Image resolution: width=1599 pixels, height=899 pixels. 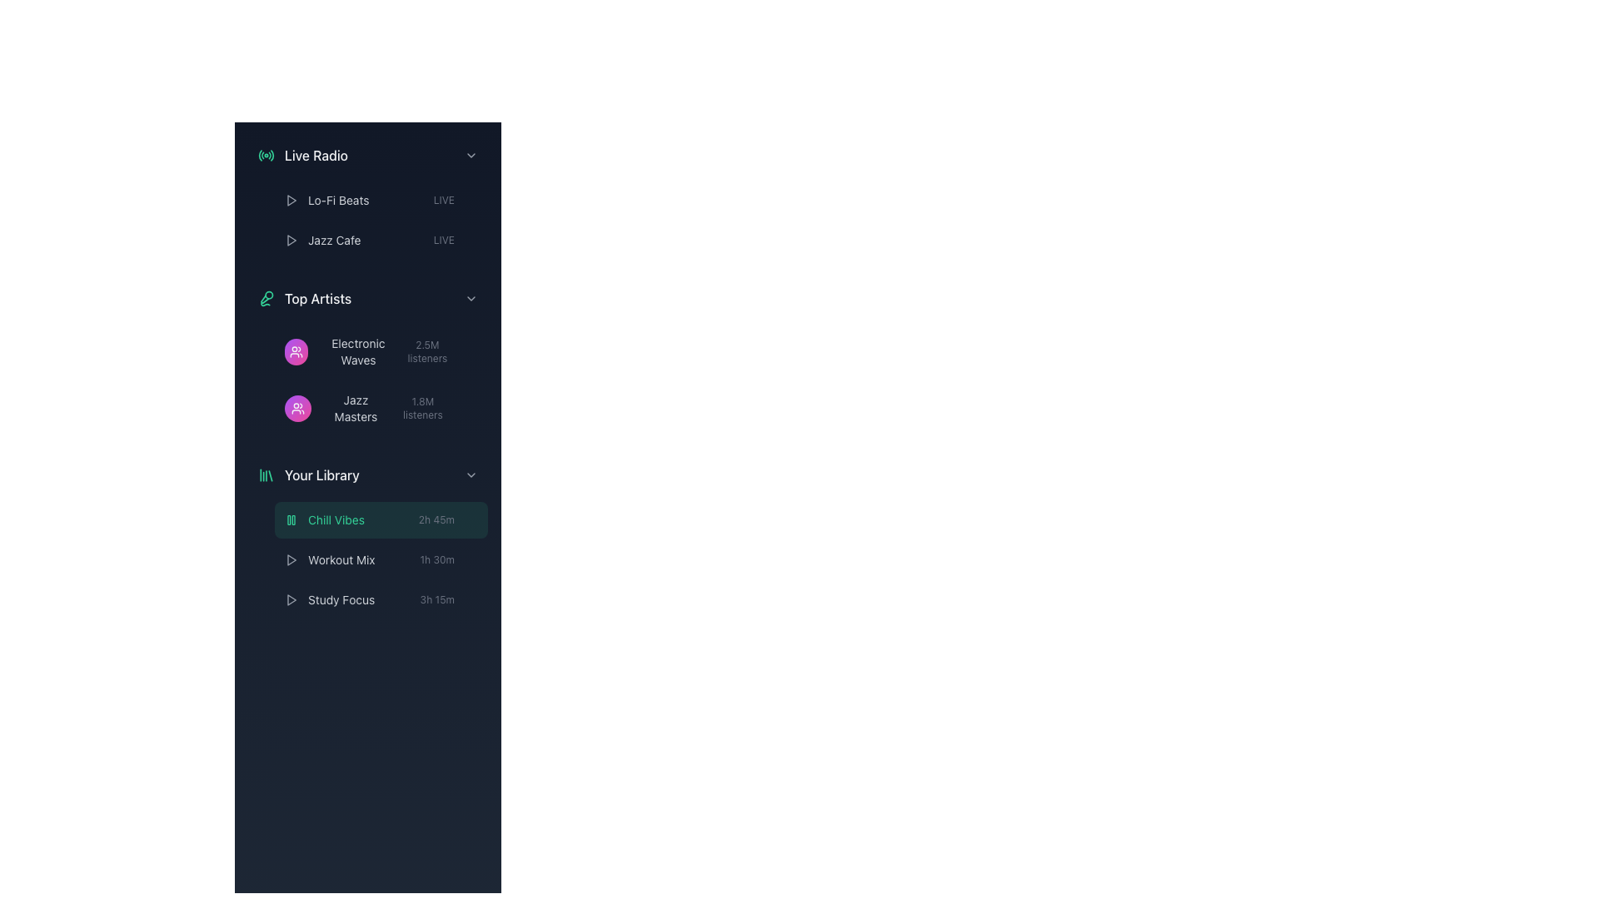 What do you see at coordinates (471, 519) in the screenshot?
I see `the heart-shaped interactive element located next to the 'Chill Vibes' playlist entry in the 'Your Library' section` at bounding box center [471, 519].